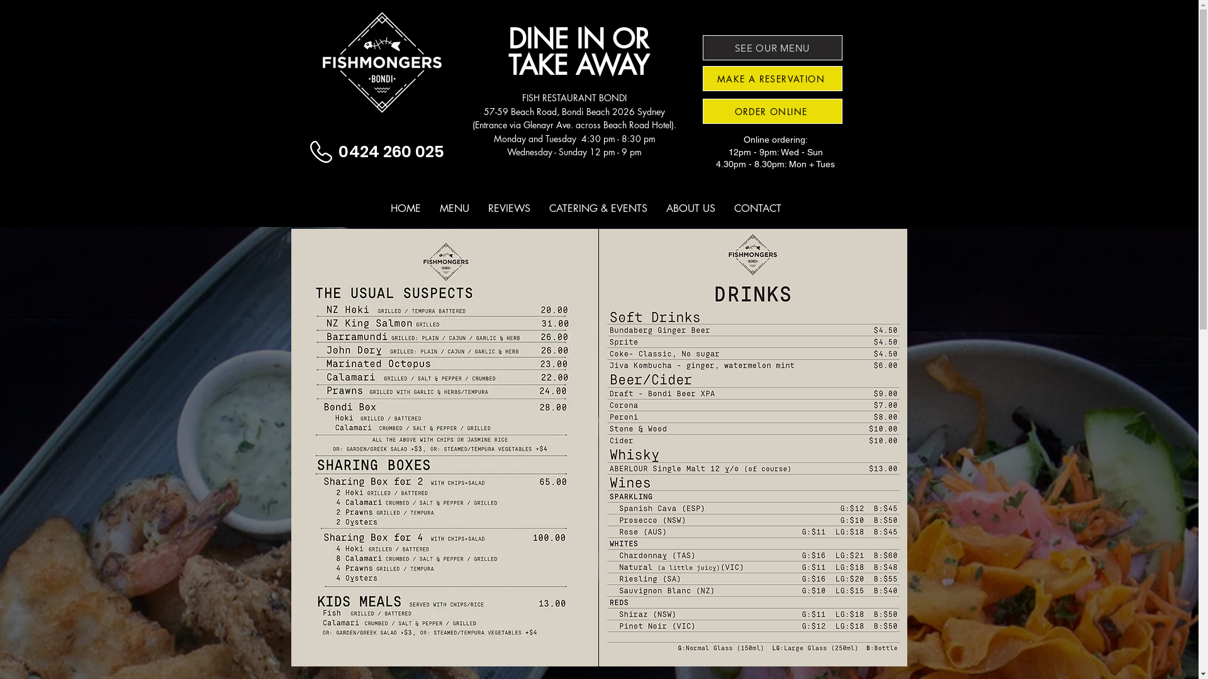  What do you see at coordinates (690, 207) in the screenshot?
I see `'ABOUT US'` at bounding box center [690, 207].